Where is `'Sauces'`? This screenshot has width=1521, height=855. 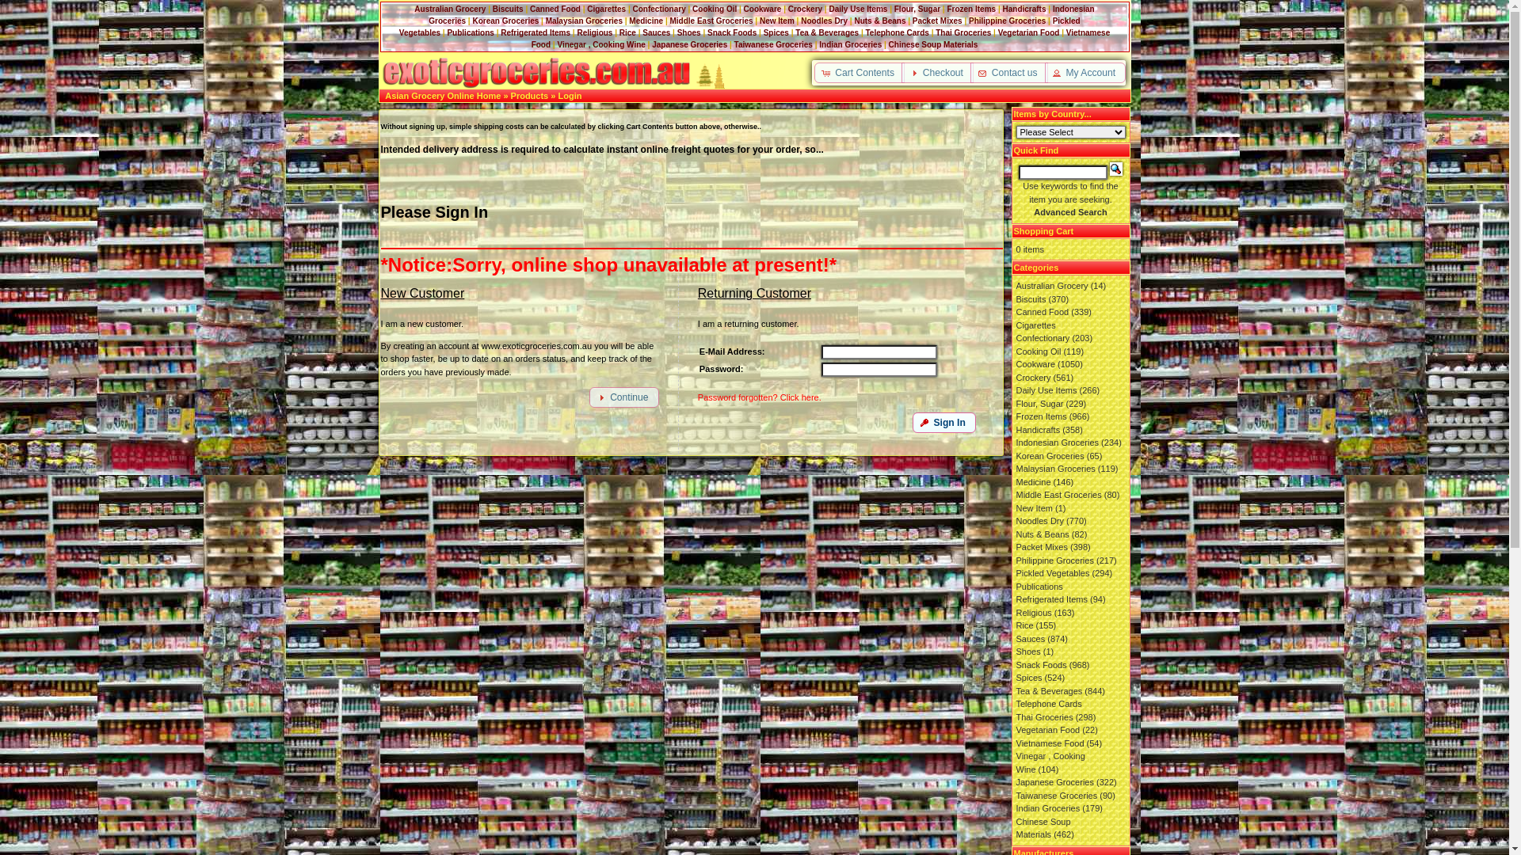
'Sauces' is located at coordinates (1030, 637).